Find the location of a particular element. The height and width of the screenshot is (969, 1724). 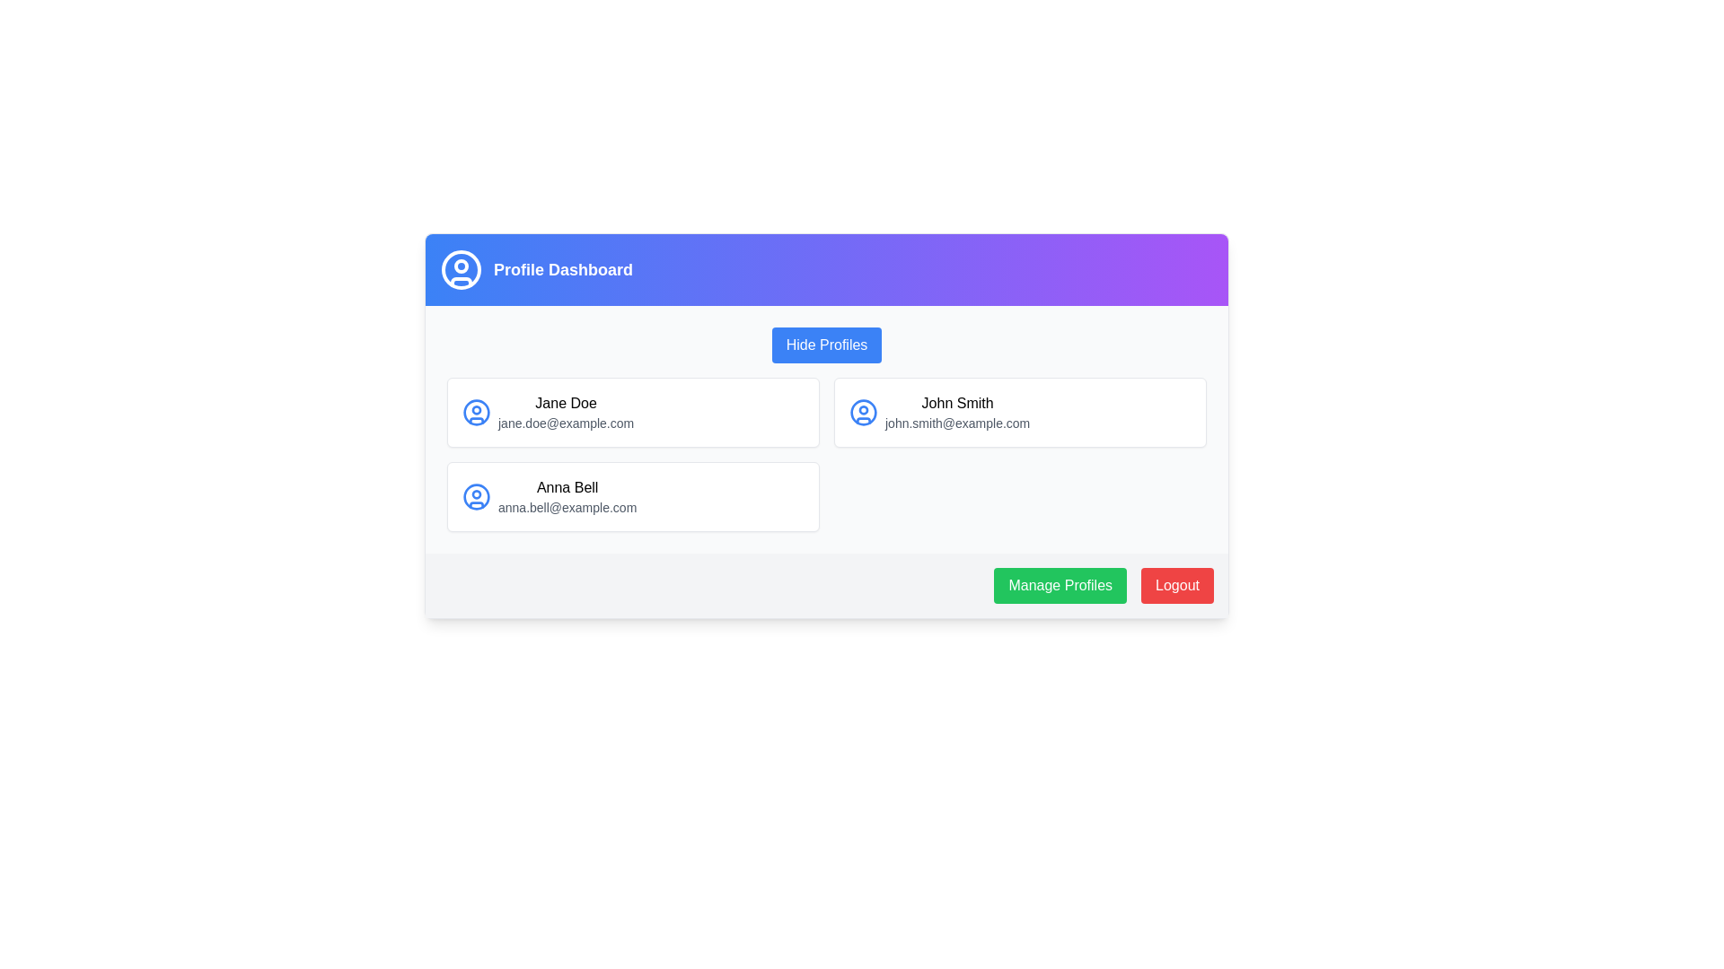

the text element displaying 'Anna Bell' and 'anna.bell@example.com' in the second user information box of the Profile Dashboard is located at coordinates (567, 497).